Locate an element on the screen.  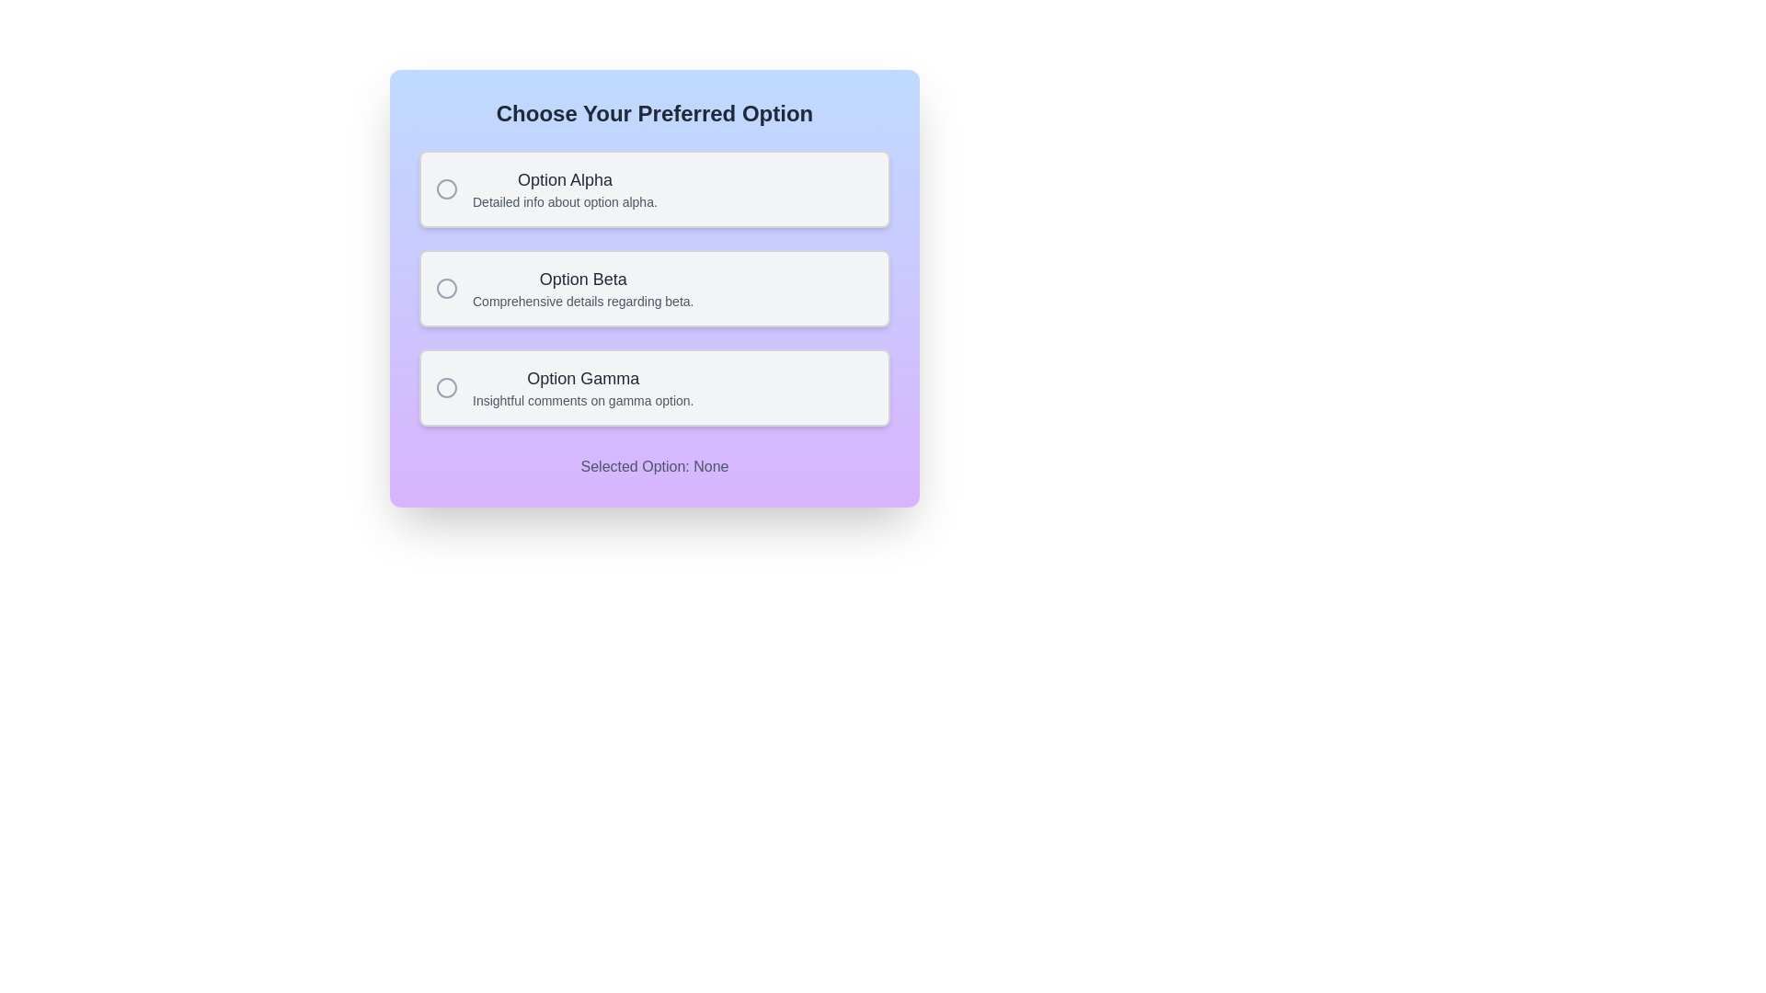
the circular radio button indicator located inside the selection box titled 'Option Alpha' is located at coordinates (446, 188).